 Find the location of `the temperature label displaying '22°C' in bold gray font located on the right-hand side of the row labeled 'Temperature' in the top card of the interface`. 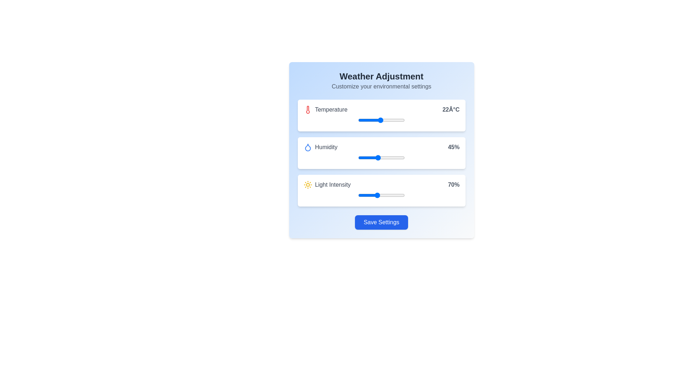

the temperature label displaying '22°C' in bold gray font located on the right-hand side of the row labeled 'Temperature' in the top card of the interface is located at coordinates (450, 110).